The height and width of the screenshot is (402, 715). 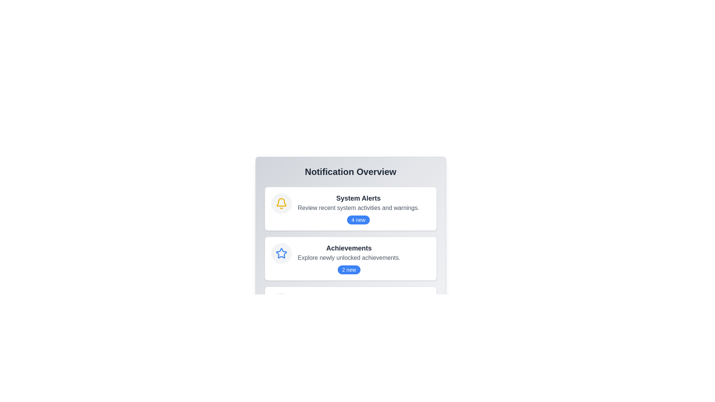 What do you see at coordinates (358, 219) in the screenshot?
I see `the Badge displaying the count of new items located in the 'System Alerts' section, positioned below the text 'Review recent system activities and warnings.'` at bounding box center [358, 219].